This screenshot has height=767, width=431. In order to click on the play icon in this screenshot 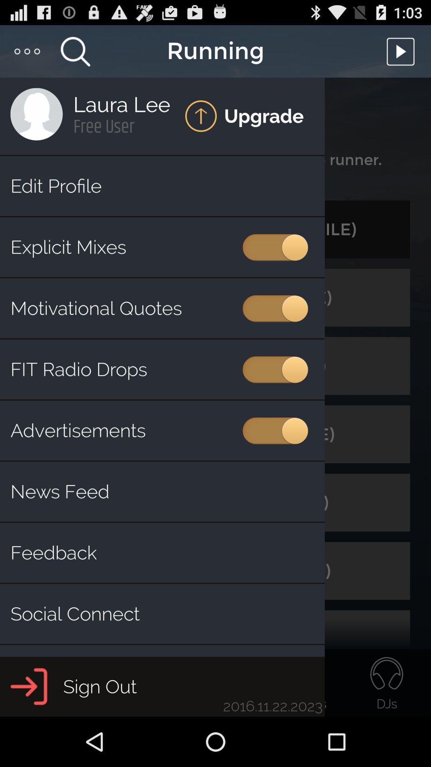, I will do `click(403, 54)`.